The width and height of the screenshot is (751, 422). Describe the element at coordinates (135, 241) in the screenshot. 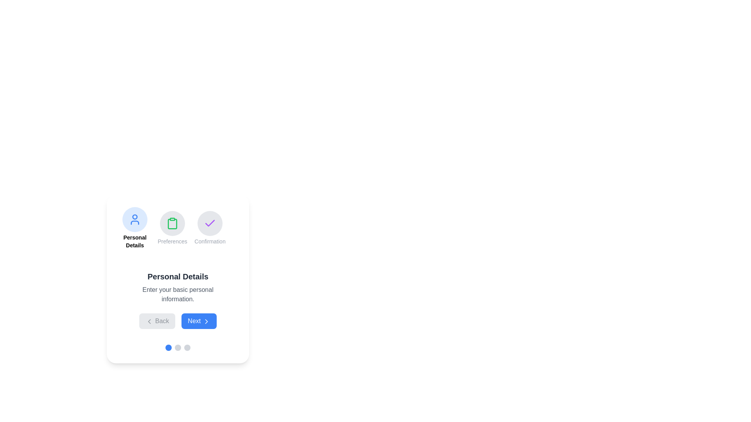

I see `the static text label element displaying 'Personal Details', which is styled prominently in black, bold font beneath a user profile icon` at that location.